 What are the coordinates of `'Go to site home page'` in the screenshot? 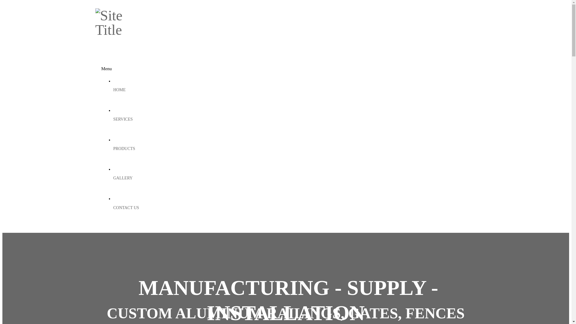 It's located at (118, 30).